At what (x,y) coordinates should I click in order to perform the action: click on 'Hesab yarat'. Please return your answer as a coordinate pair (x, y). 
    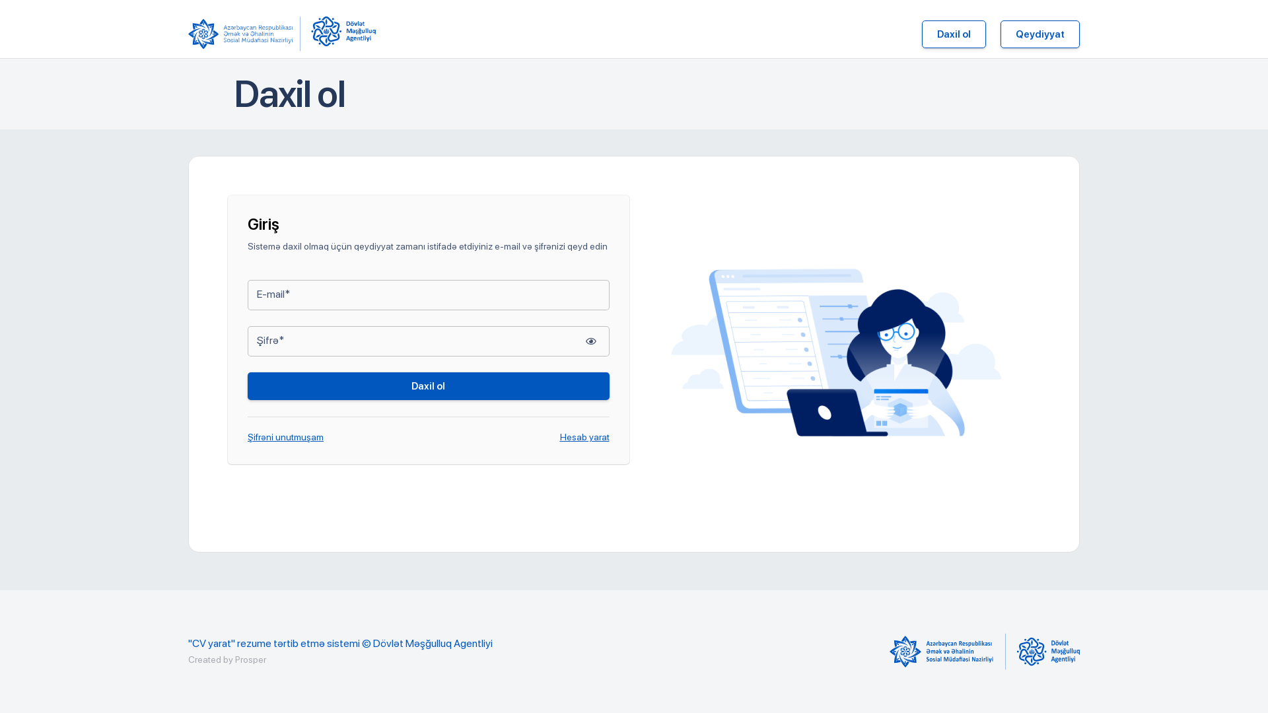
    Looking at the image, I should click on (584, 437).